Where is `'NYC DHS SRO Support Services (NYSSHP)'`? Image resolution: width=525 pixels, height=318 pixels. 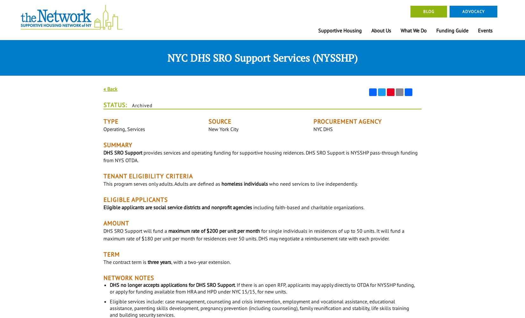
'NYC DHS SRO Support Services (NYSSHP)' is located at coordinates (262, 58).